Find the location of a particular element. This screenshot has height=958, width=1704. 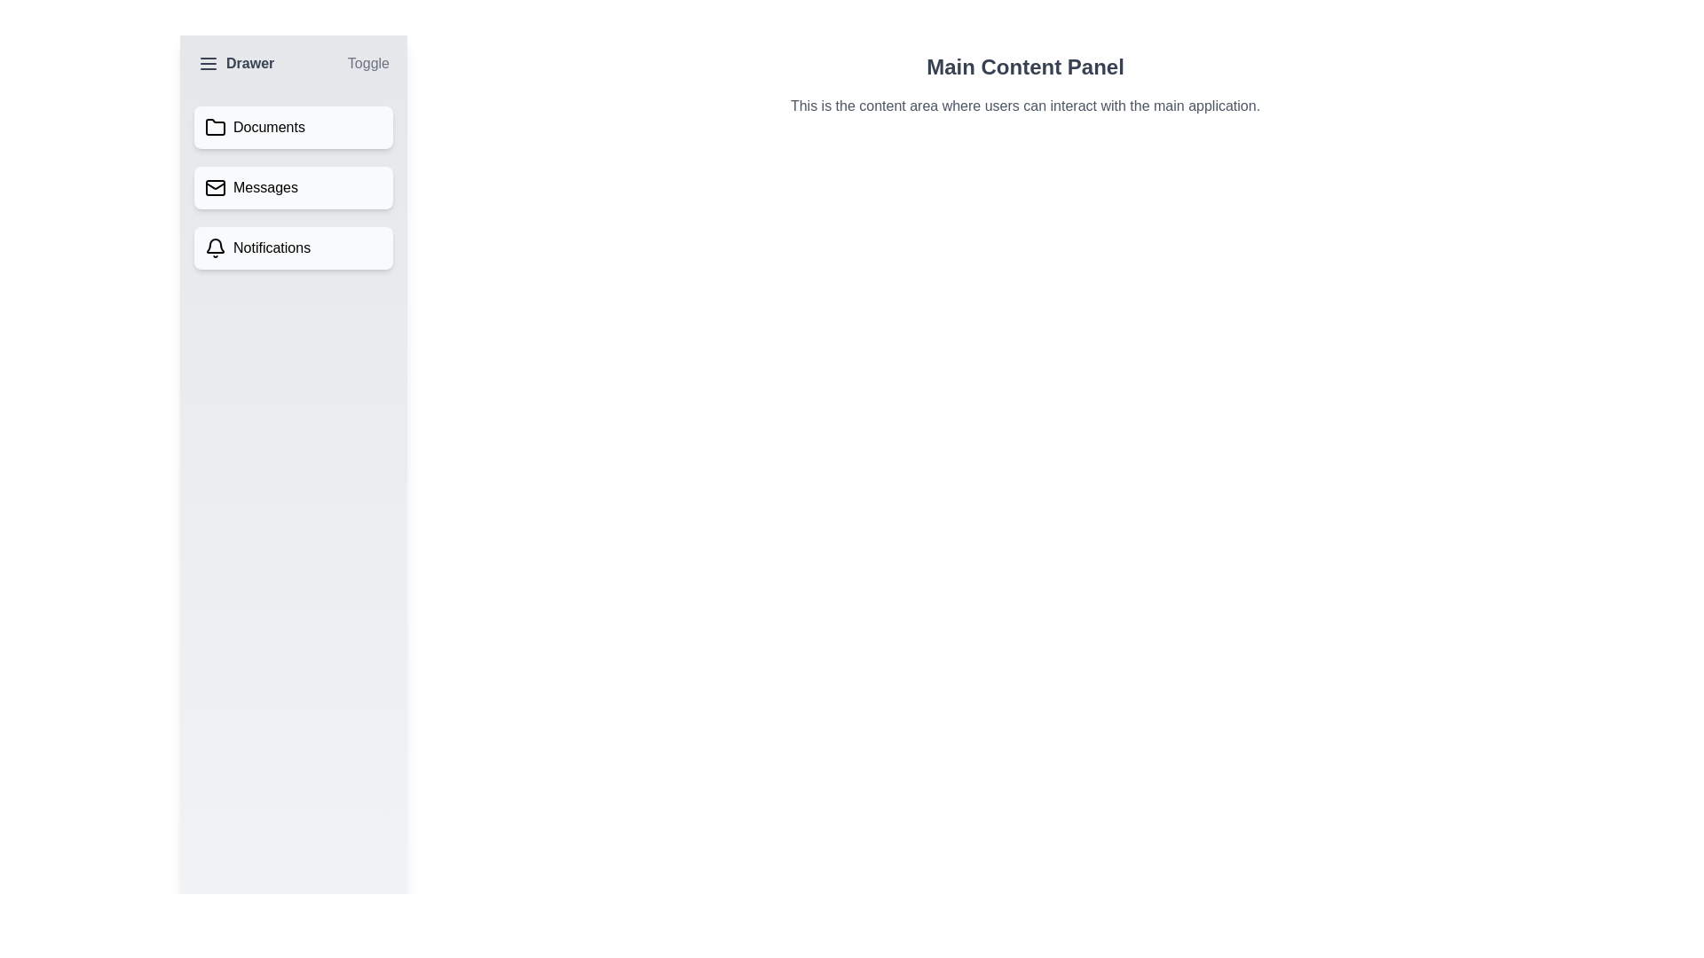

the 'Messages' icon in the navigation menu is located at coordinates (215, 188).